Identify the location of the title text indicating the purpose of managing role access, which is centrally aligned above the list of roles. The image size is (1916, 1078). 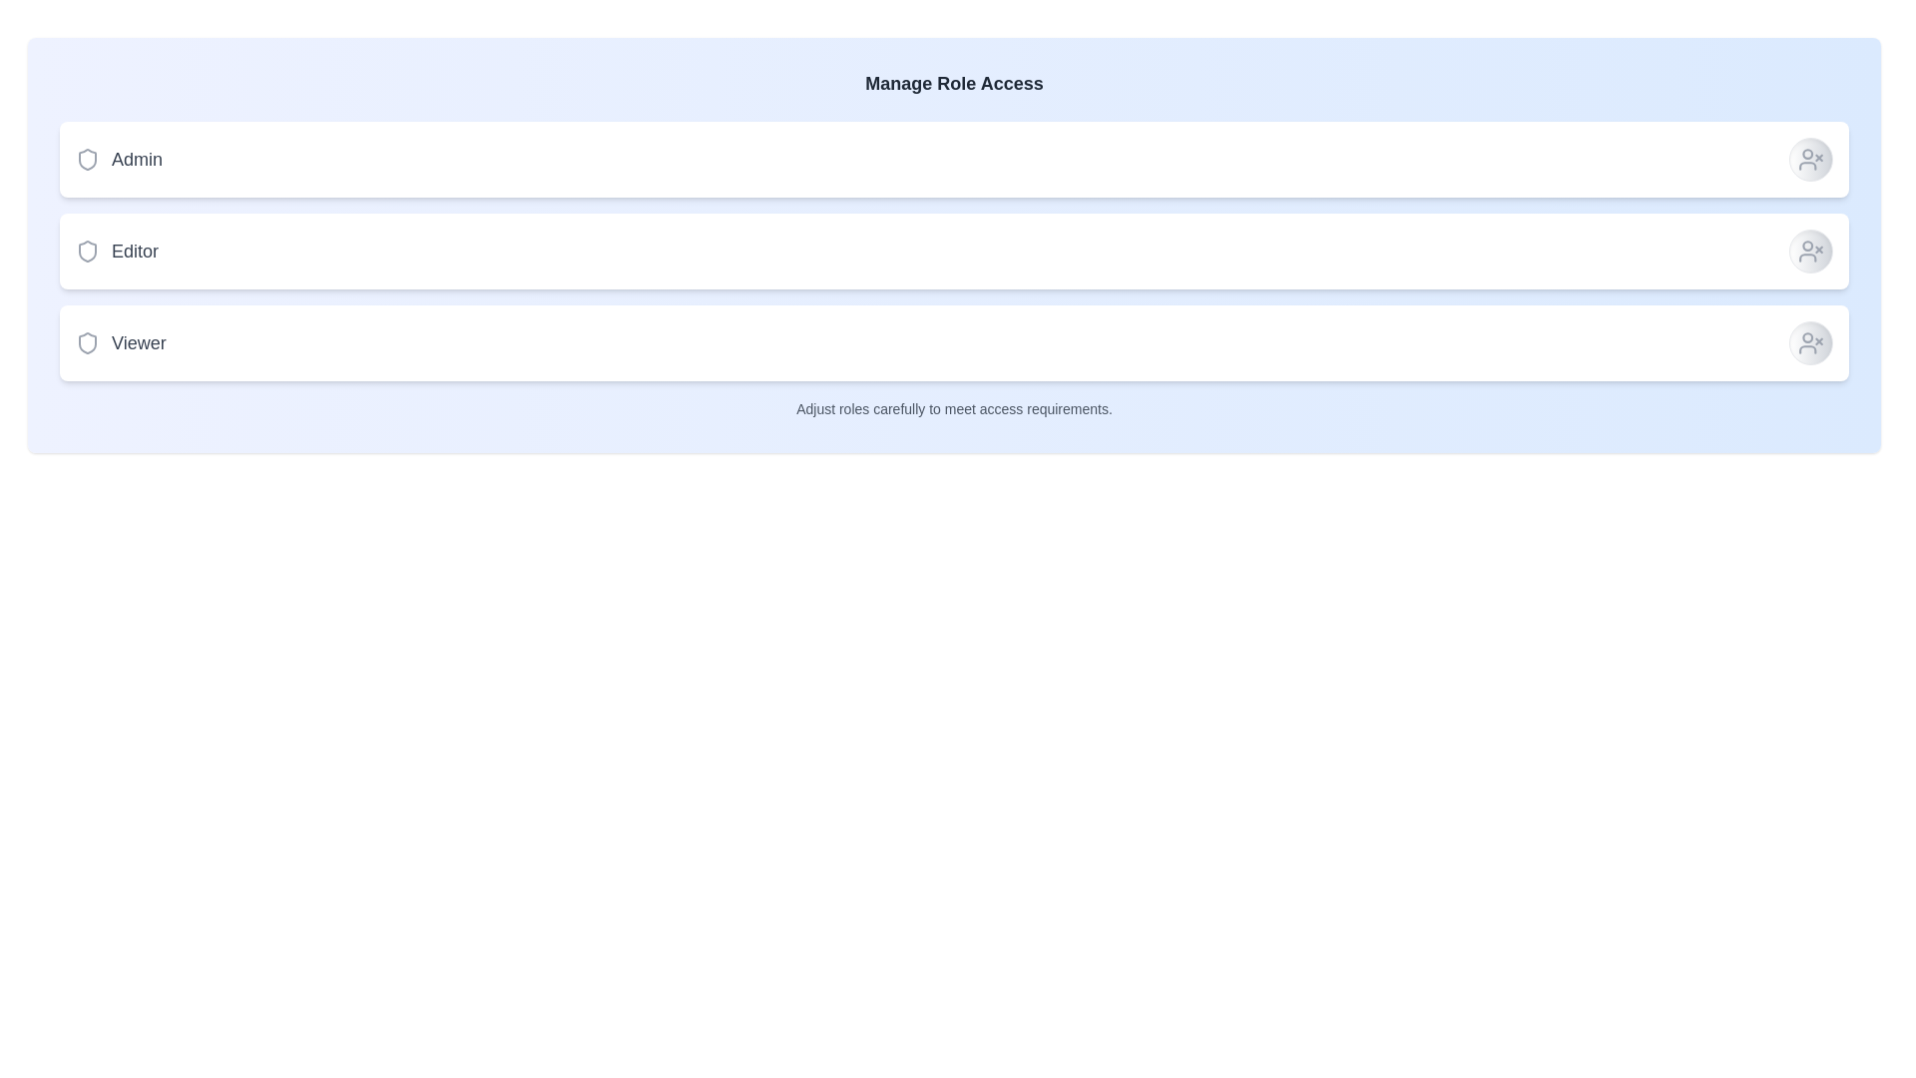
(953, 83).